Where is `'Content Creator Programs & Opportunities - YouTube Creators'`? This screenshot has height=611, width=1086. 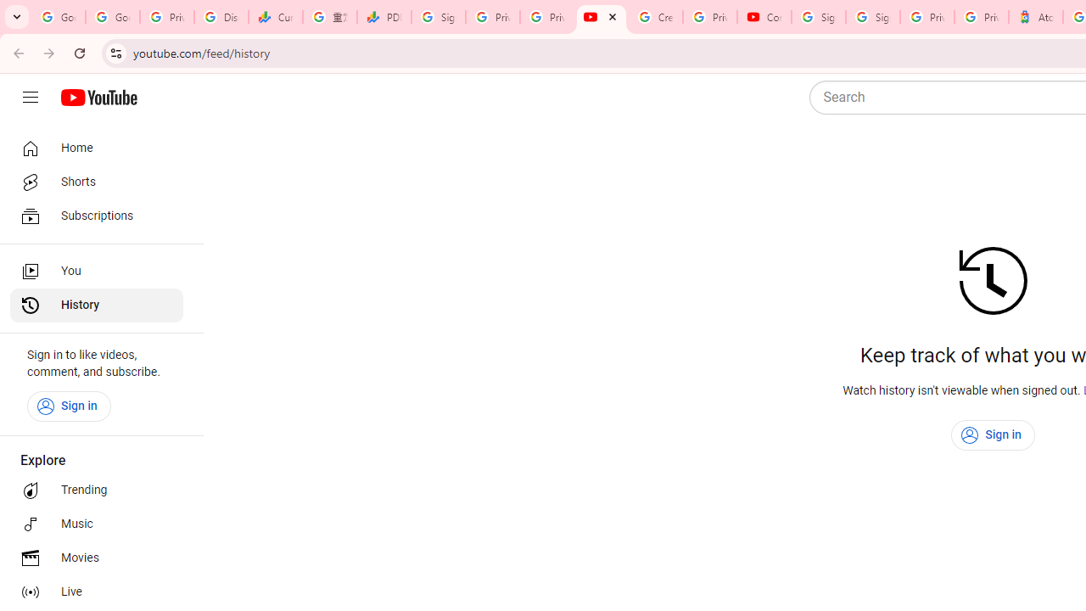 'Content Creator Programs & Opportunities - YouTube Creators' is located at coordinates (764, 17).